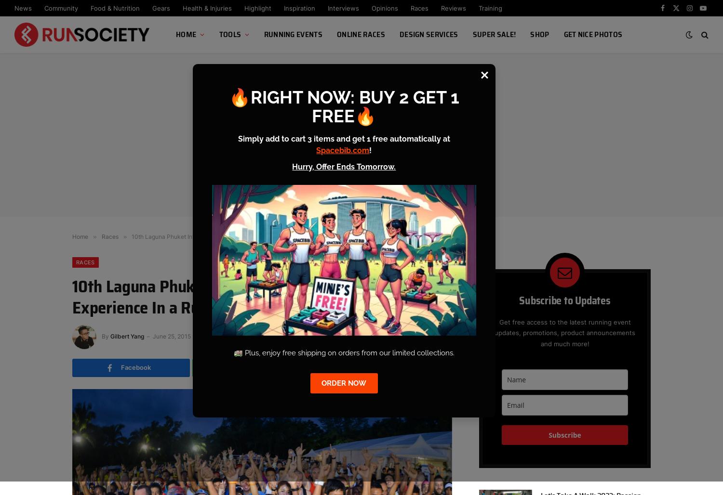  Describe the element at coordinates (261, 175) in the screenshot. I see `'Best Ideal Weight Calculator'` at that location.